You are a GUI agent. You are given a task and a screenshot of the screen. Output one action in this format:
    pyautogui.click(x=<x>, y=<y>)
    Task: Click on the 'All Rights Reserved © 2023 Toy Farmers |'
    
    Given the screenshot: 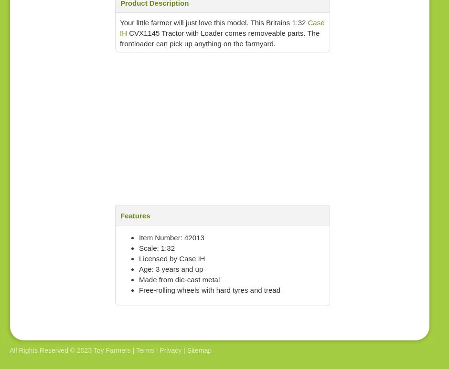 What is the action you would take?
    pyautogui.click(x=72, y=350)
    